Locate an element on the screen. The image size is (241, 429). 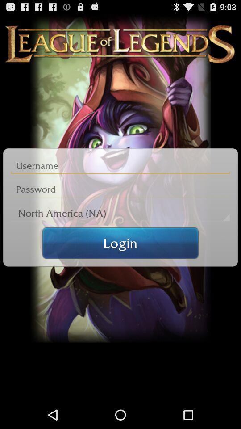
login button is located at coordinates (120, 243).